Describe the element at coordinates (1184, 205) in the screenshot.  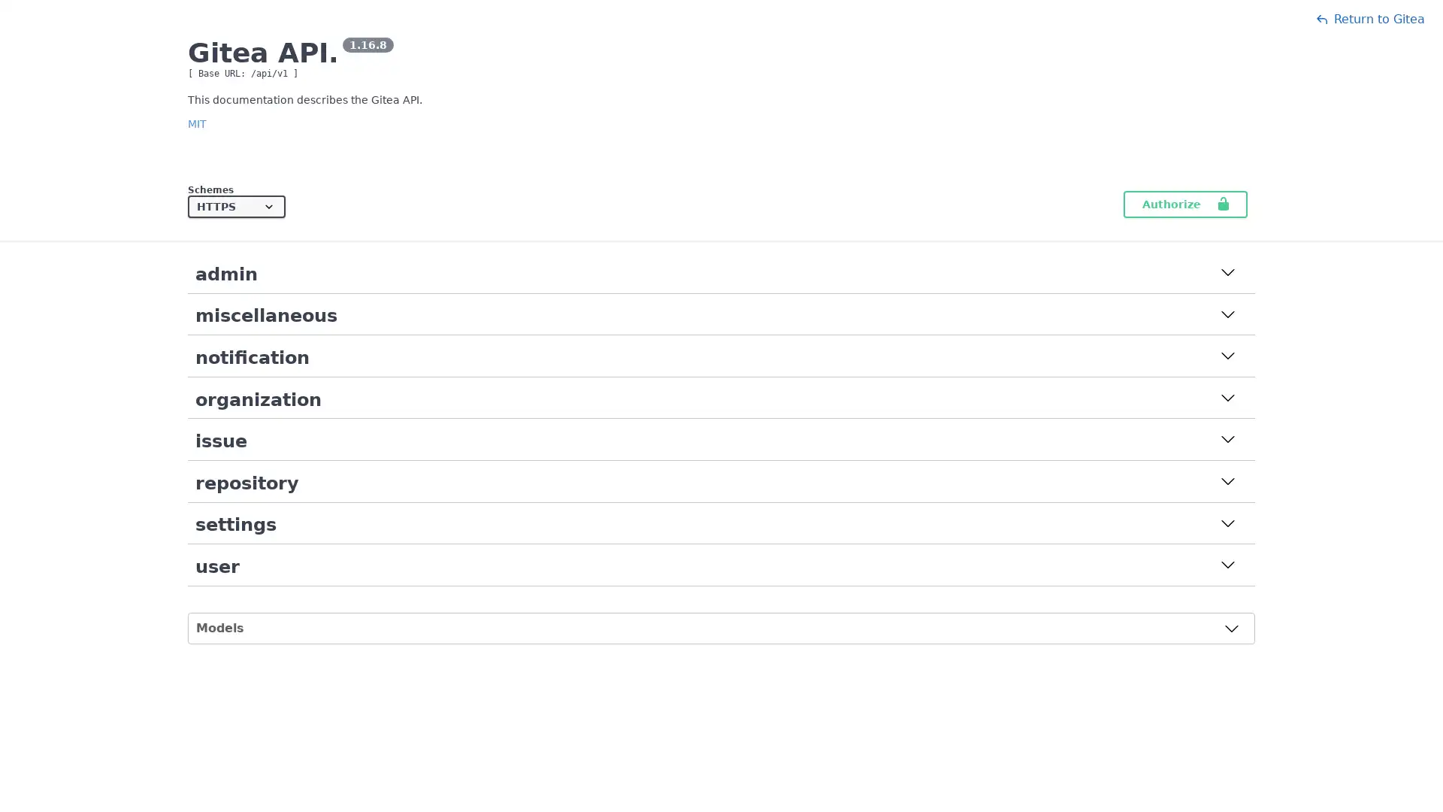
I see `Authorize` at that location.